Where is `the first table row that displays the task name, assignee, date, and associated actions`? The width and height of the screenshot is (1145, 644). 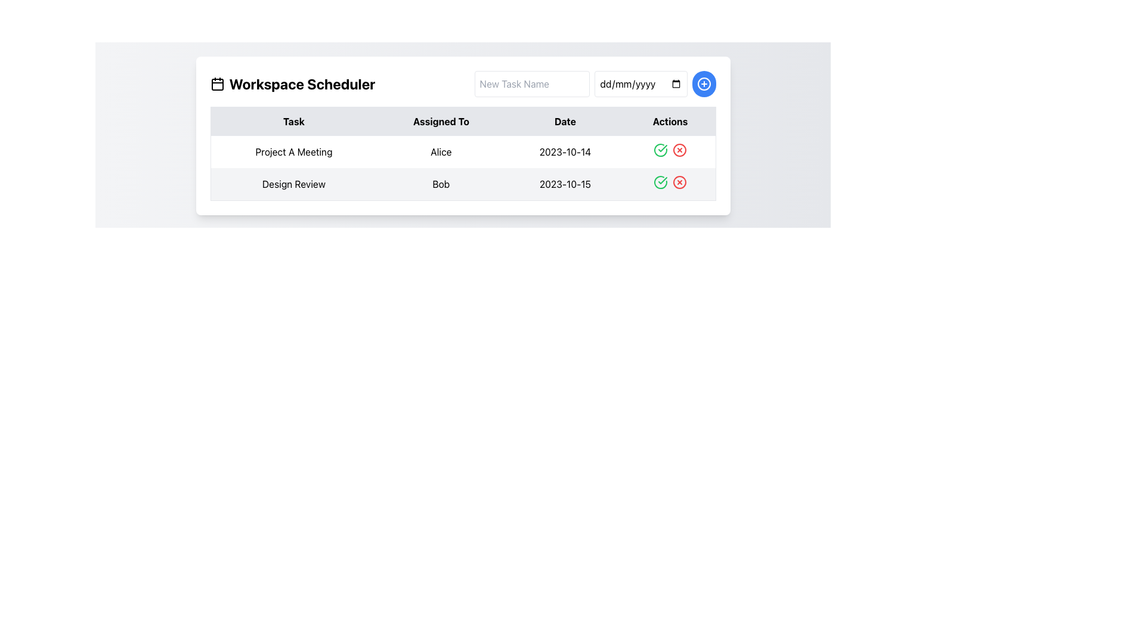
the first table row that displays the task name, assignee, date, and associated actions is located at coordinates (462, 151).